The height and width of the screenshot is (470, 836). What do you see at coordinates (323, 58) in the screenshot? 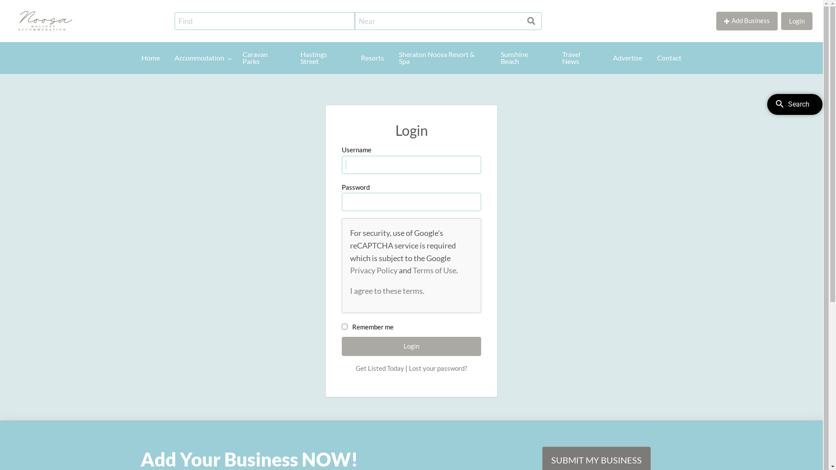
I see `'Hastings Street'` at bounding box center [323, 58].